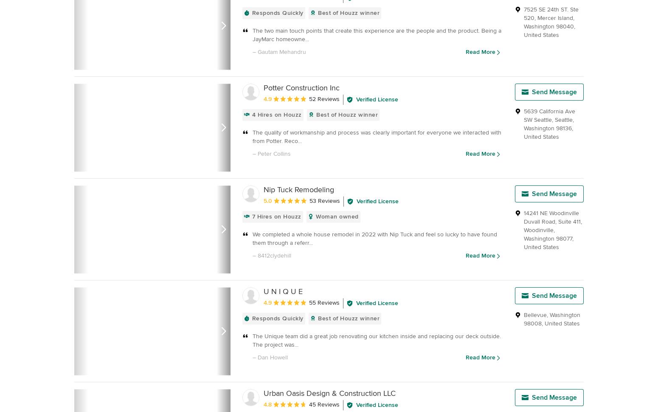  Describe the element at coordinates (267, 404) in the screenshot. I see `'4.8'` at that location.